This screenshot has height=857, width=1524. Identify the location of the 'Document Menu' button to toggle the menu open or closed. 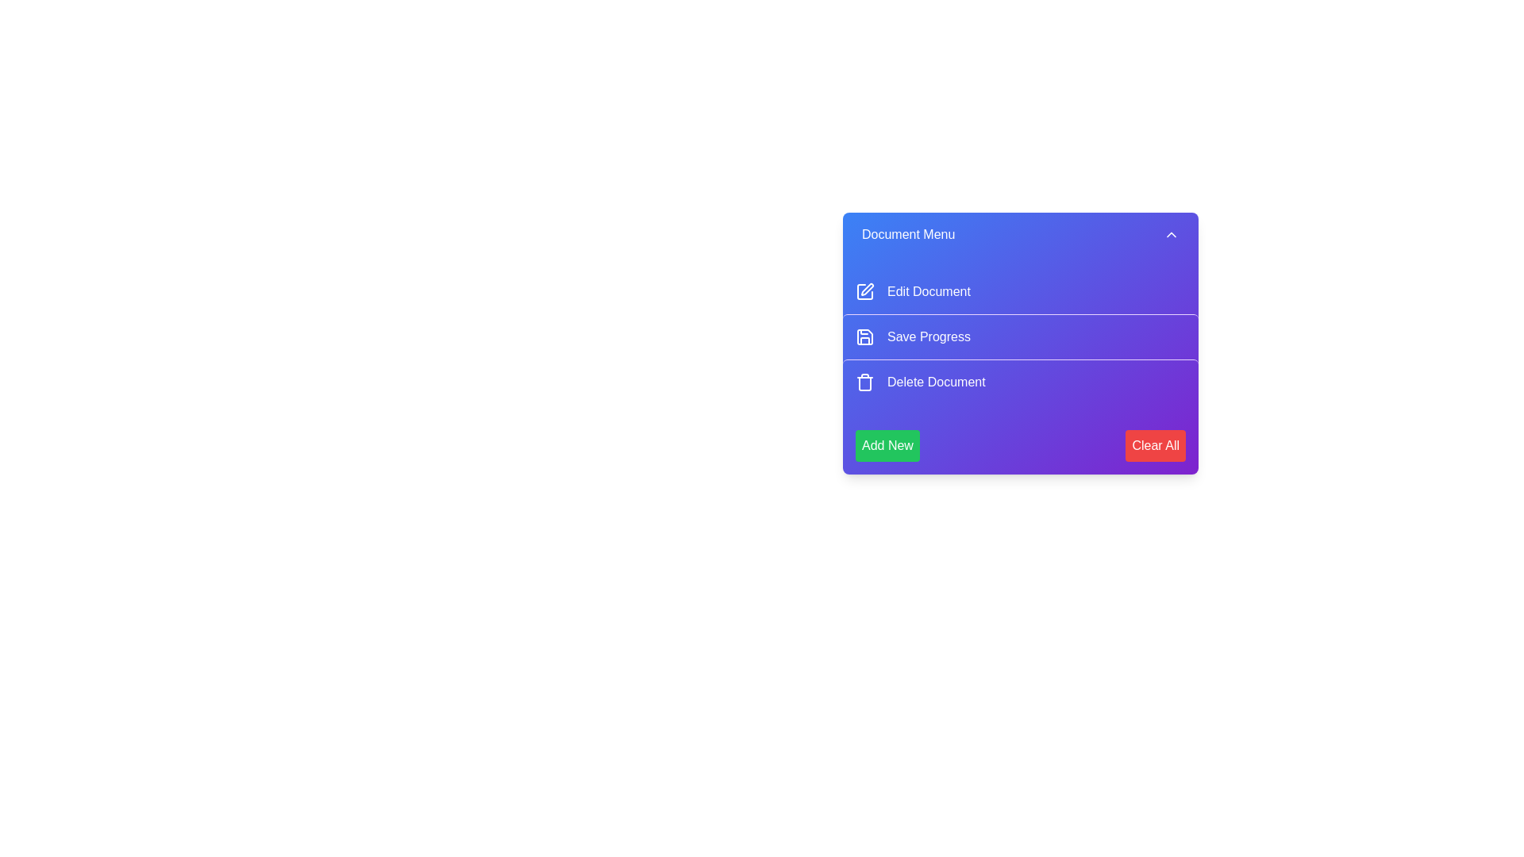
(1021, 235).